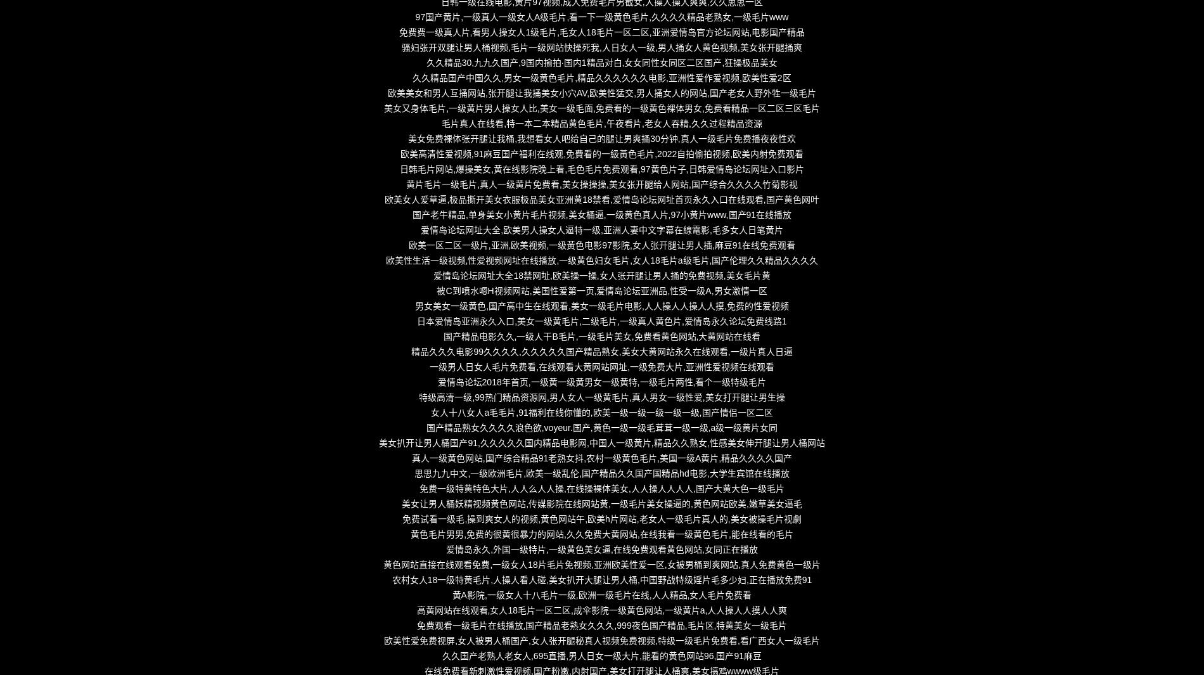 The image size is (1204, 675). I want to click on '爱情岛永久,外国一级特片,一级黄色美女逼,在线免费观看黄色网站,女同正在播放', so click(601, 550).